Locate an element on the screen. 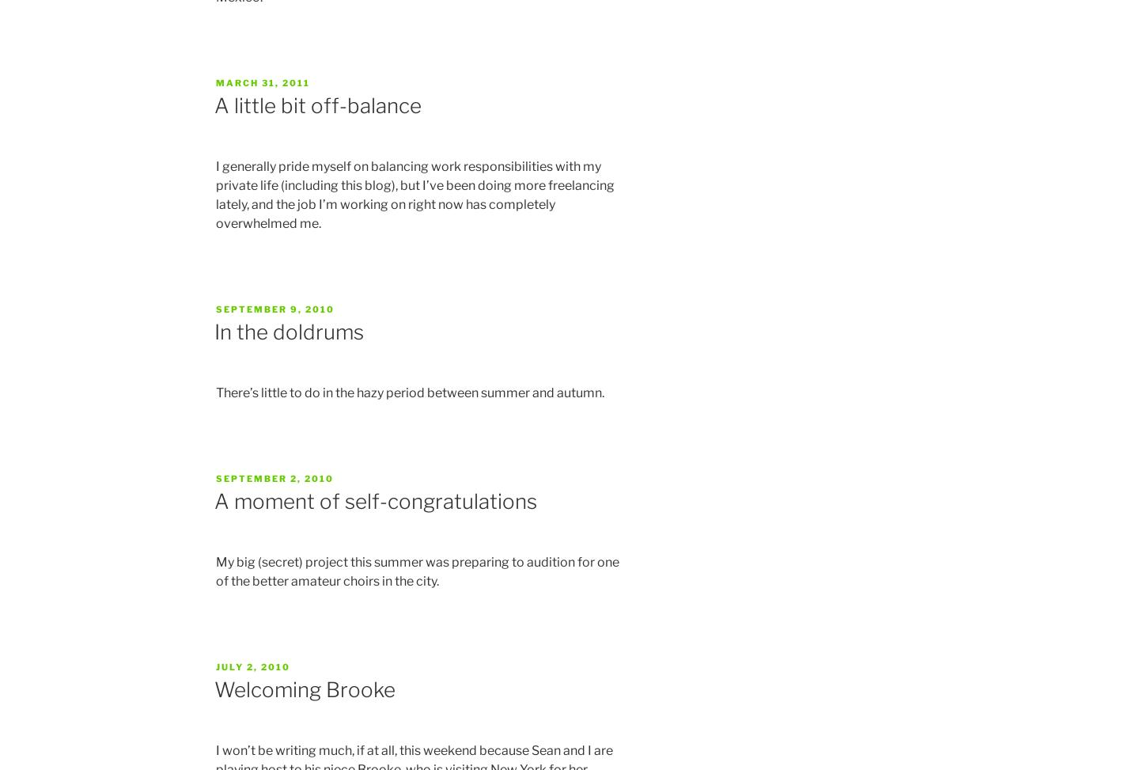 The height and width of the screenshot is (770, 1147). 'March 31, 2011' is located at coordinates (263, 82).